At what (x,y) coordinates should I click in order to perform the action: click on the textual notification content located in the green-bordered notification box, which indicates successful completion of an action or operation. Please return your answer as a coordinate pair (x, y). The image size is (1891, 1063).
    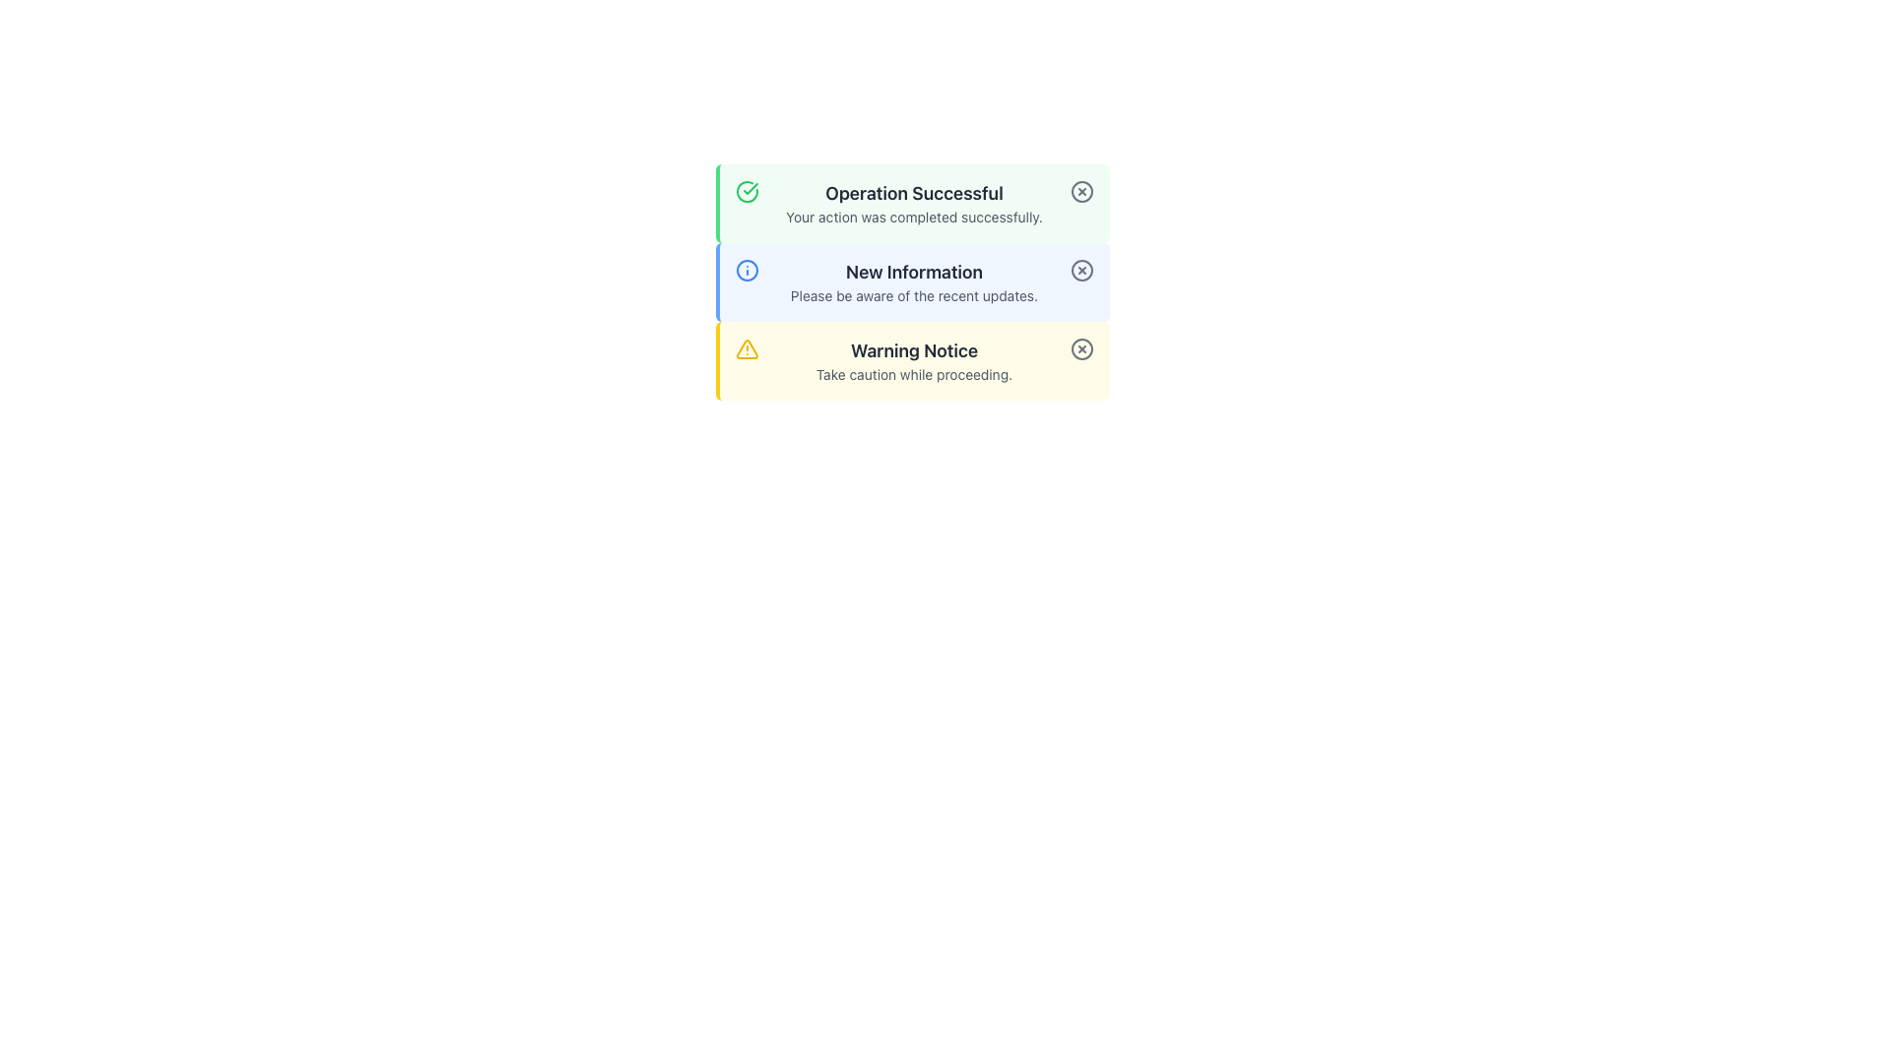
    Looking at the image, I should click on (913, 204).